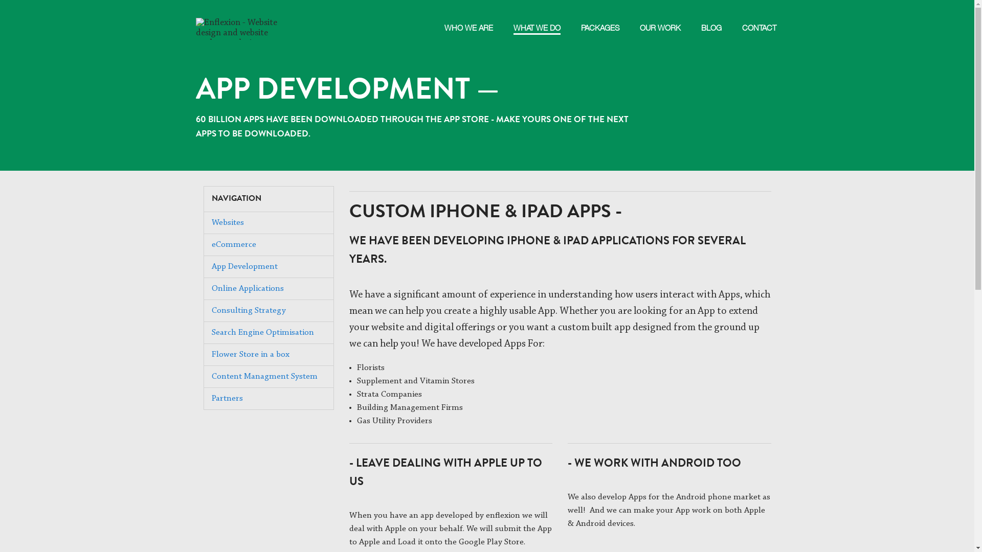 The image size is (982, 552). Describe the element at coordinates (262, 332) in the screenshot. I see `'Search Engine Optimisation'` at that location.